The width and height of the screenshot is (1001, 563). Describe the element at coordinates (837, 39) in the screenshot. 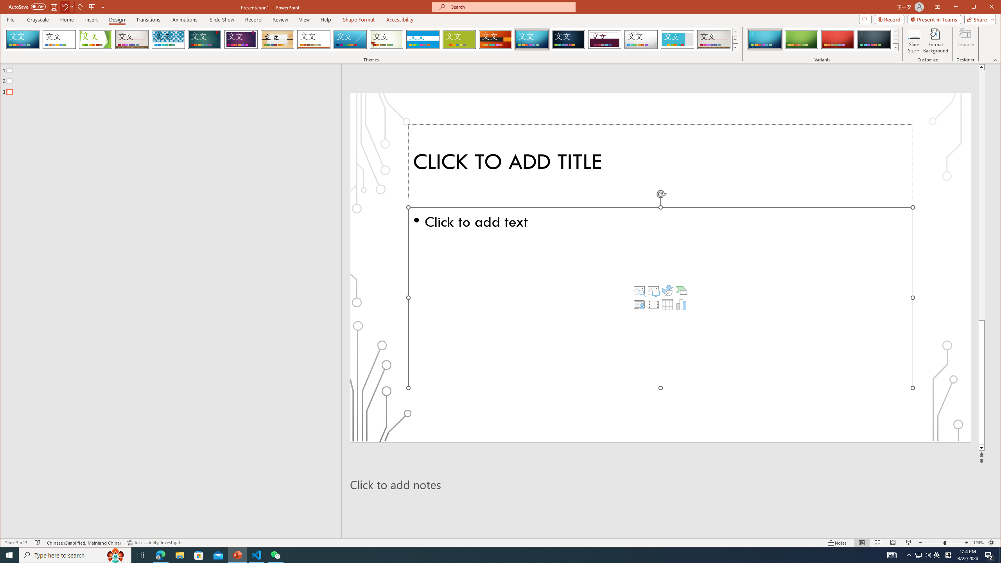

I see `'Circuit Variant 3'` at that location.